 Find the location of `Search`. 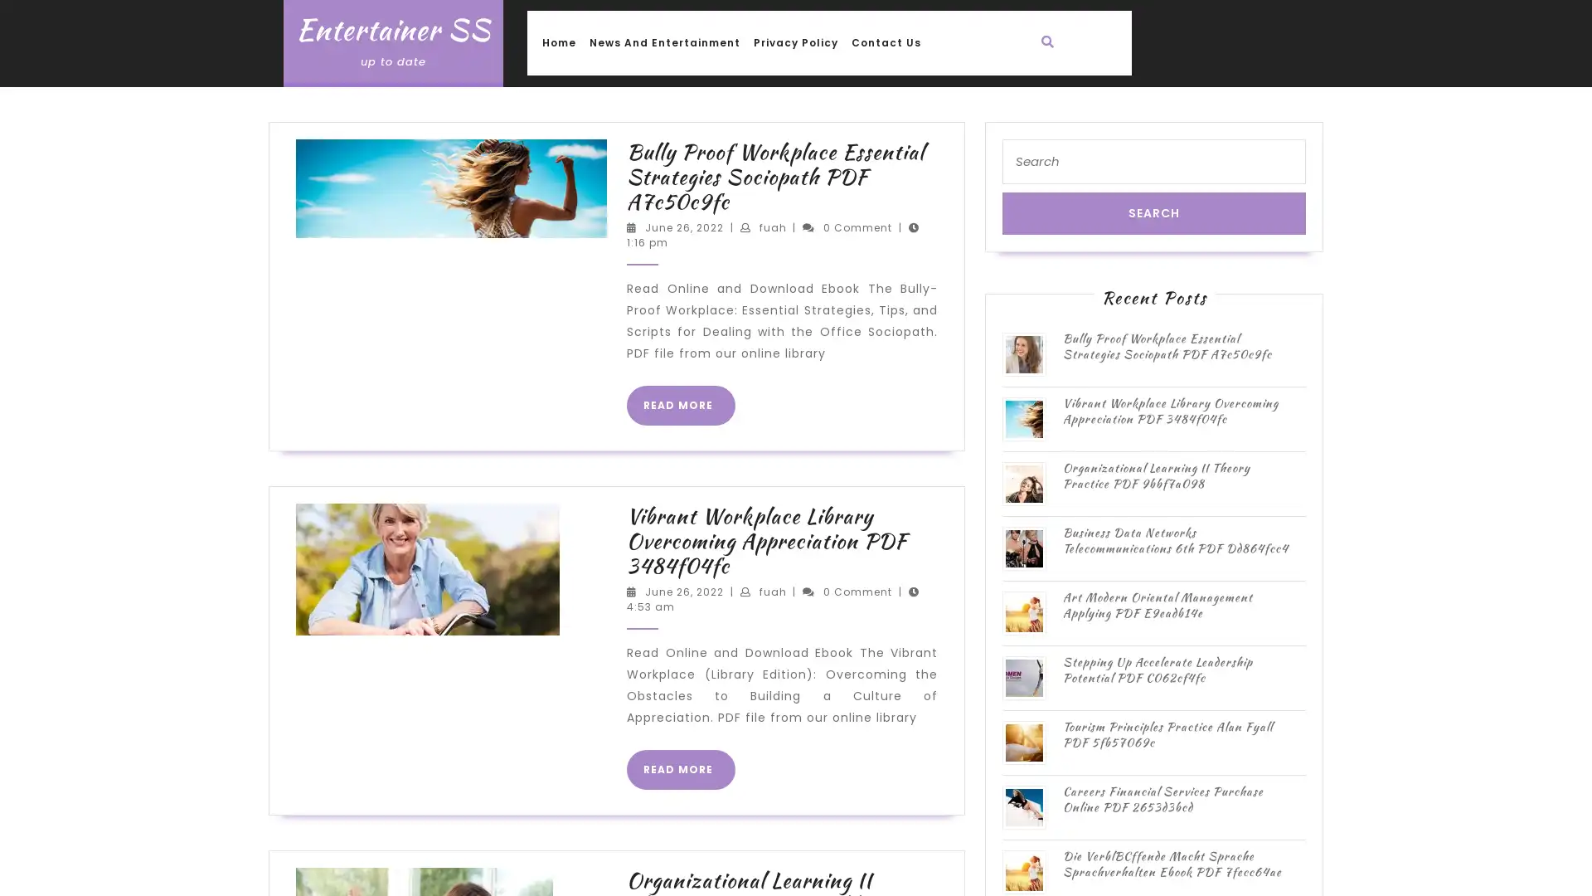

Search is located at coordinates (1153, 212).